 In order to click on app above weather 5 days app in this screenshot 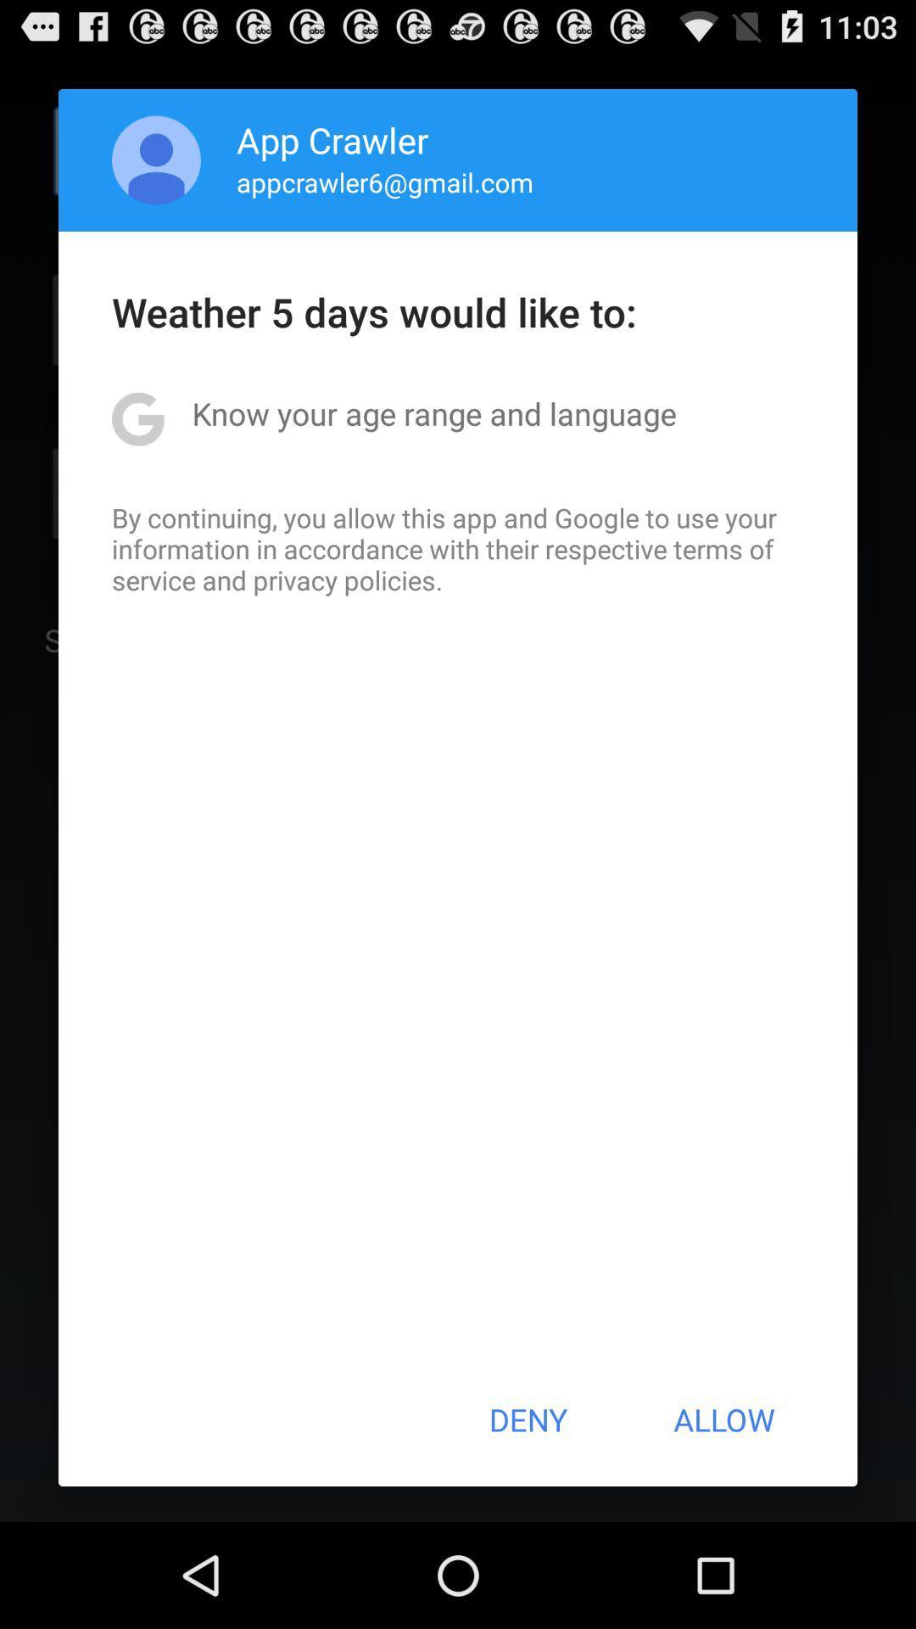, I will do `click(156, 160)`.